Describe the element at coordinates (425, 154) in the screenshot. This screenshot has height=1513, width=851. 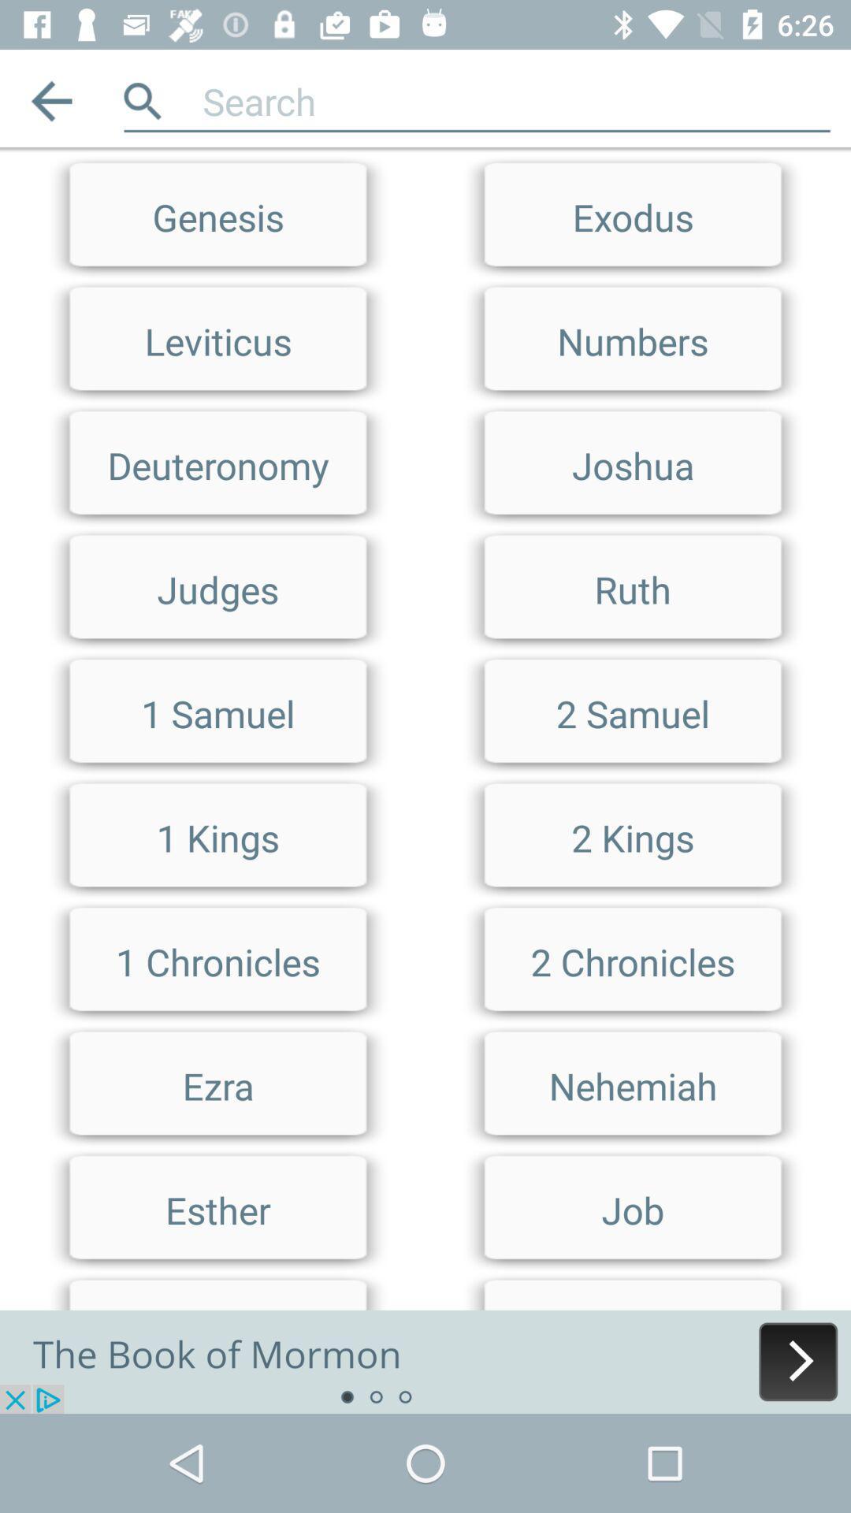
I see `limit` at that location.